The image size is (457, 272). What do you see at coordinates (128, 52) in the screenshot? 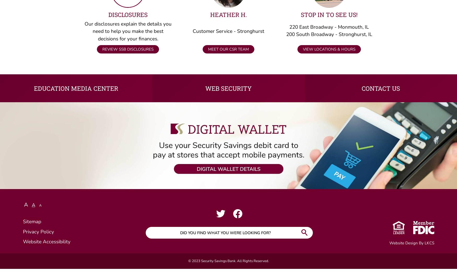
I see `'Review SSB Disclosures'` at bounding box center [128, 52].